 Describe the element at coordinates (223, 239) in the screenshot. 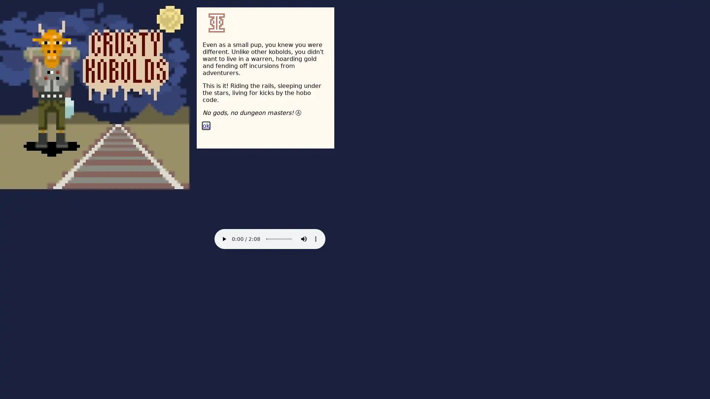

I see `play` at that location.